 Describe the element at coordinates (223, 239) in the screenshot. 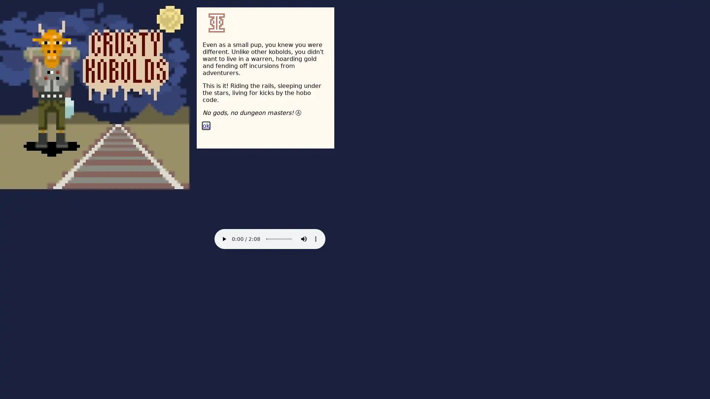

I see `play` at that location.